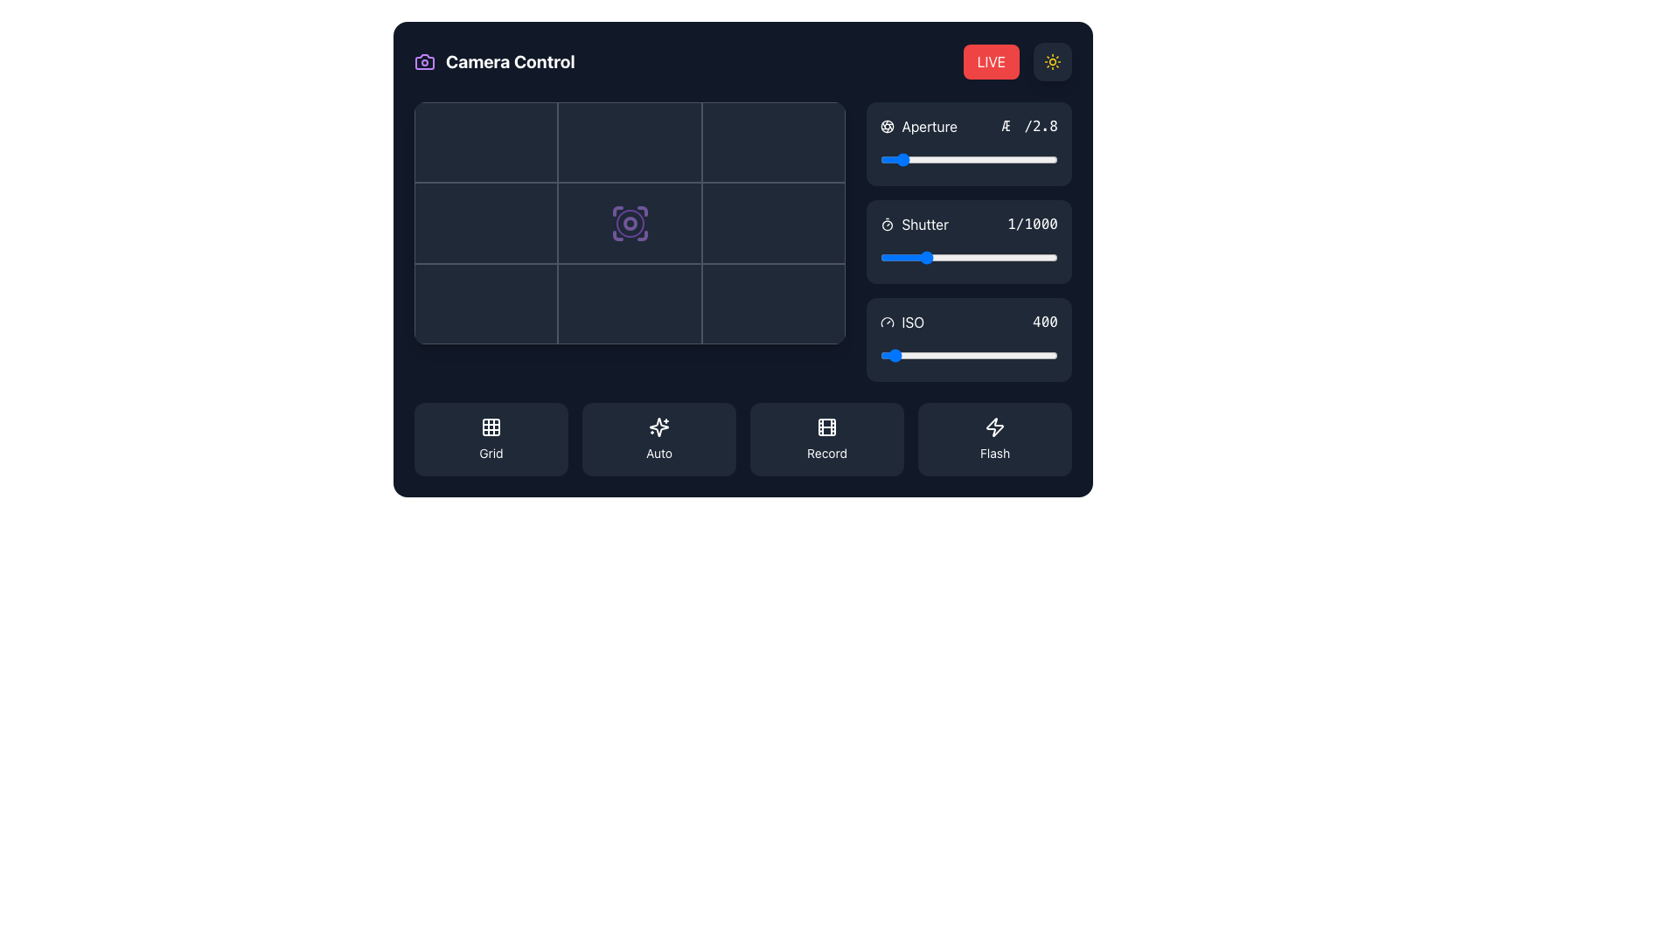  What do you see at coordinates (1021, 159) in the screenshot?
I see `the aperture` at bounding box center [1021, 159].